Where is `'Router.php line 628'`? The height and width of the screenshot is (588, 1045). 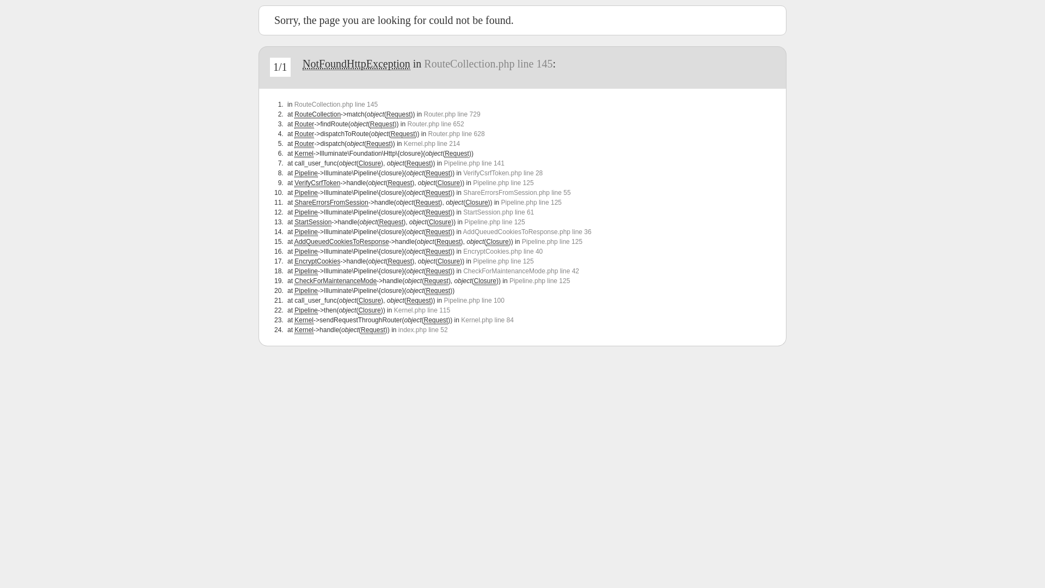
'Router.php line 628' is located at coordinates (456, 133).